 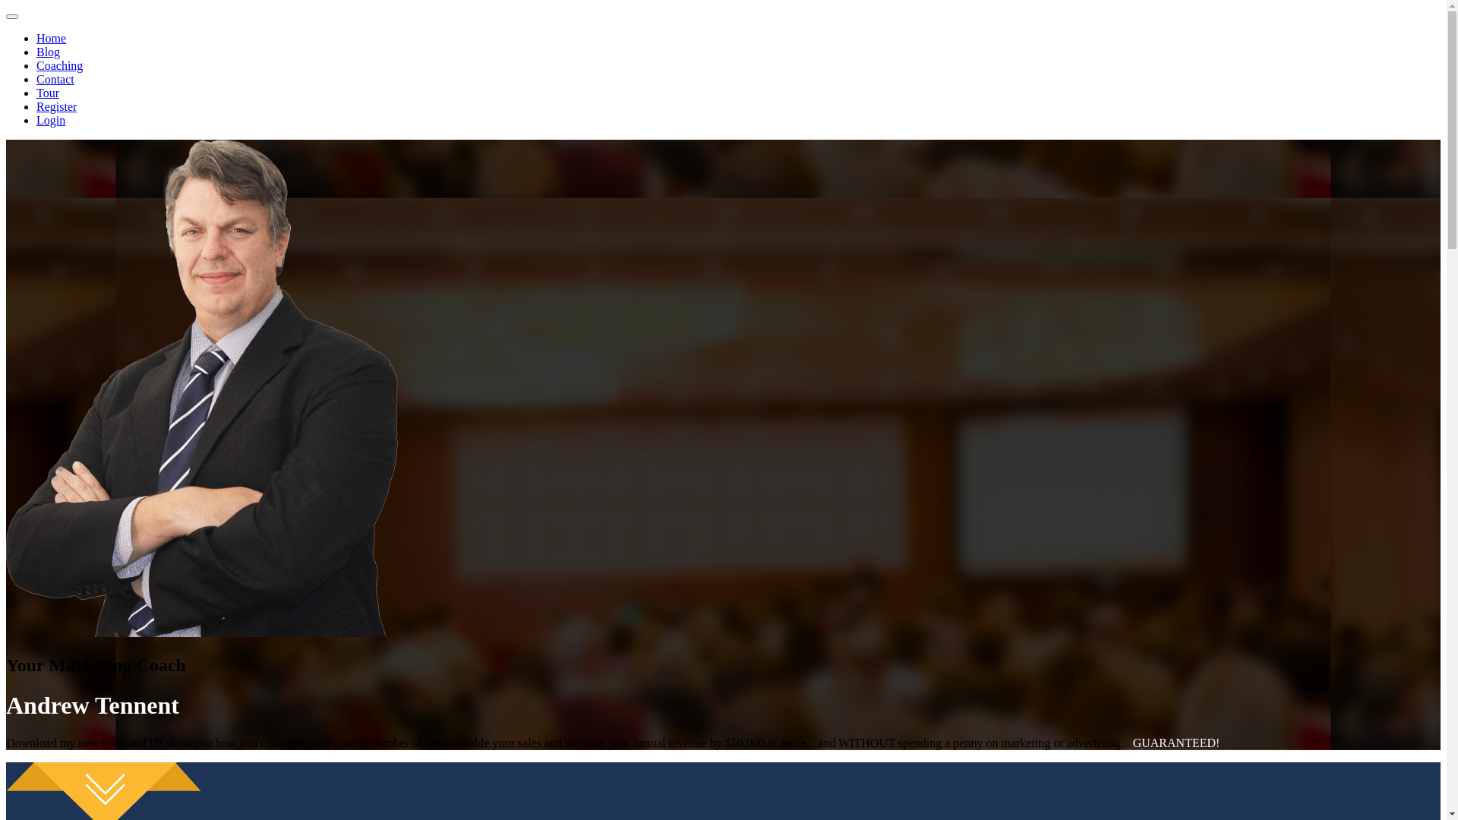 I want to click on 'Register', so click(x=56, y=106).